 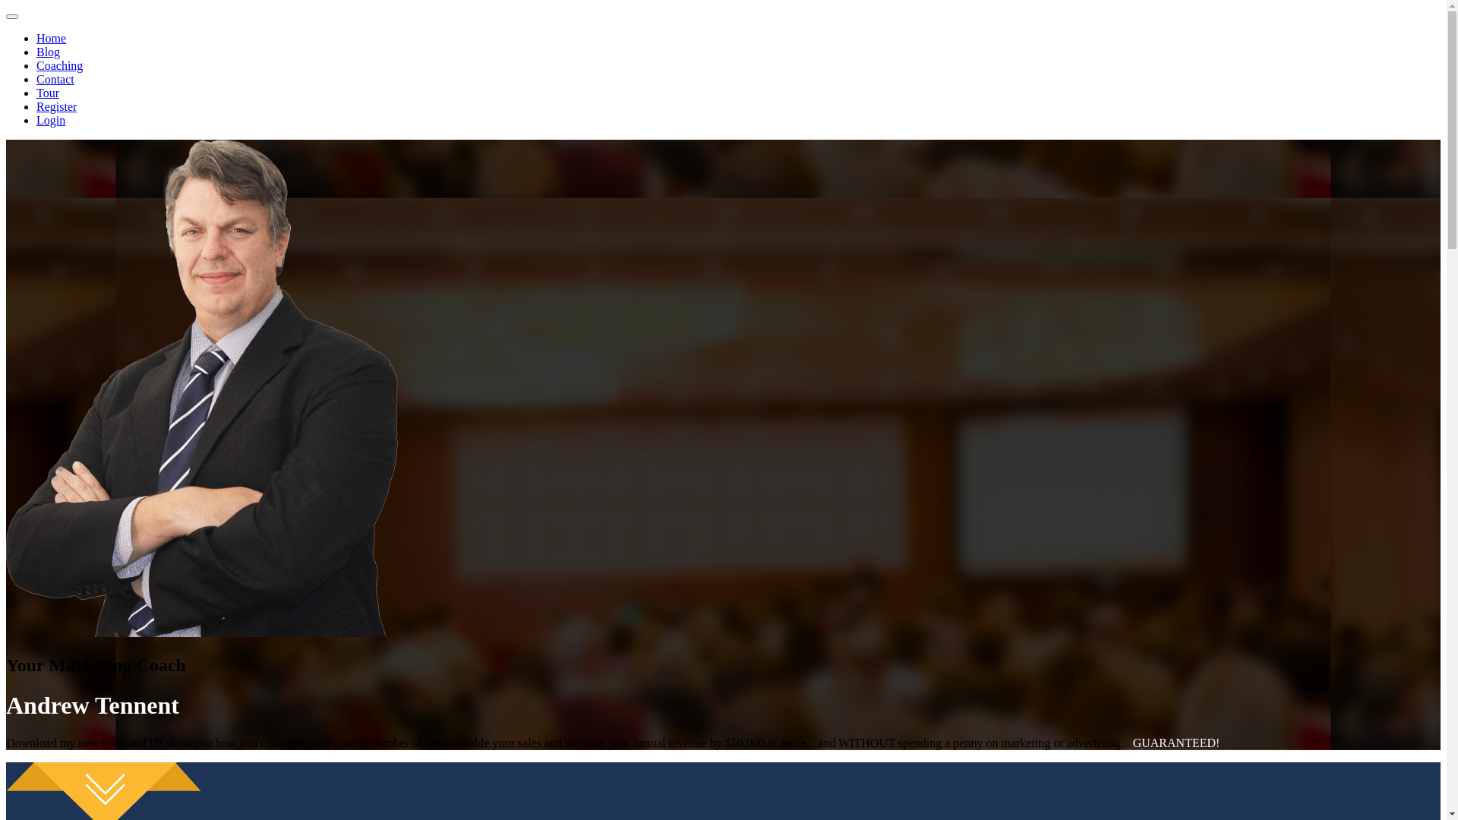 I want to click on 'Register', so click(x=56, y=106).